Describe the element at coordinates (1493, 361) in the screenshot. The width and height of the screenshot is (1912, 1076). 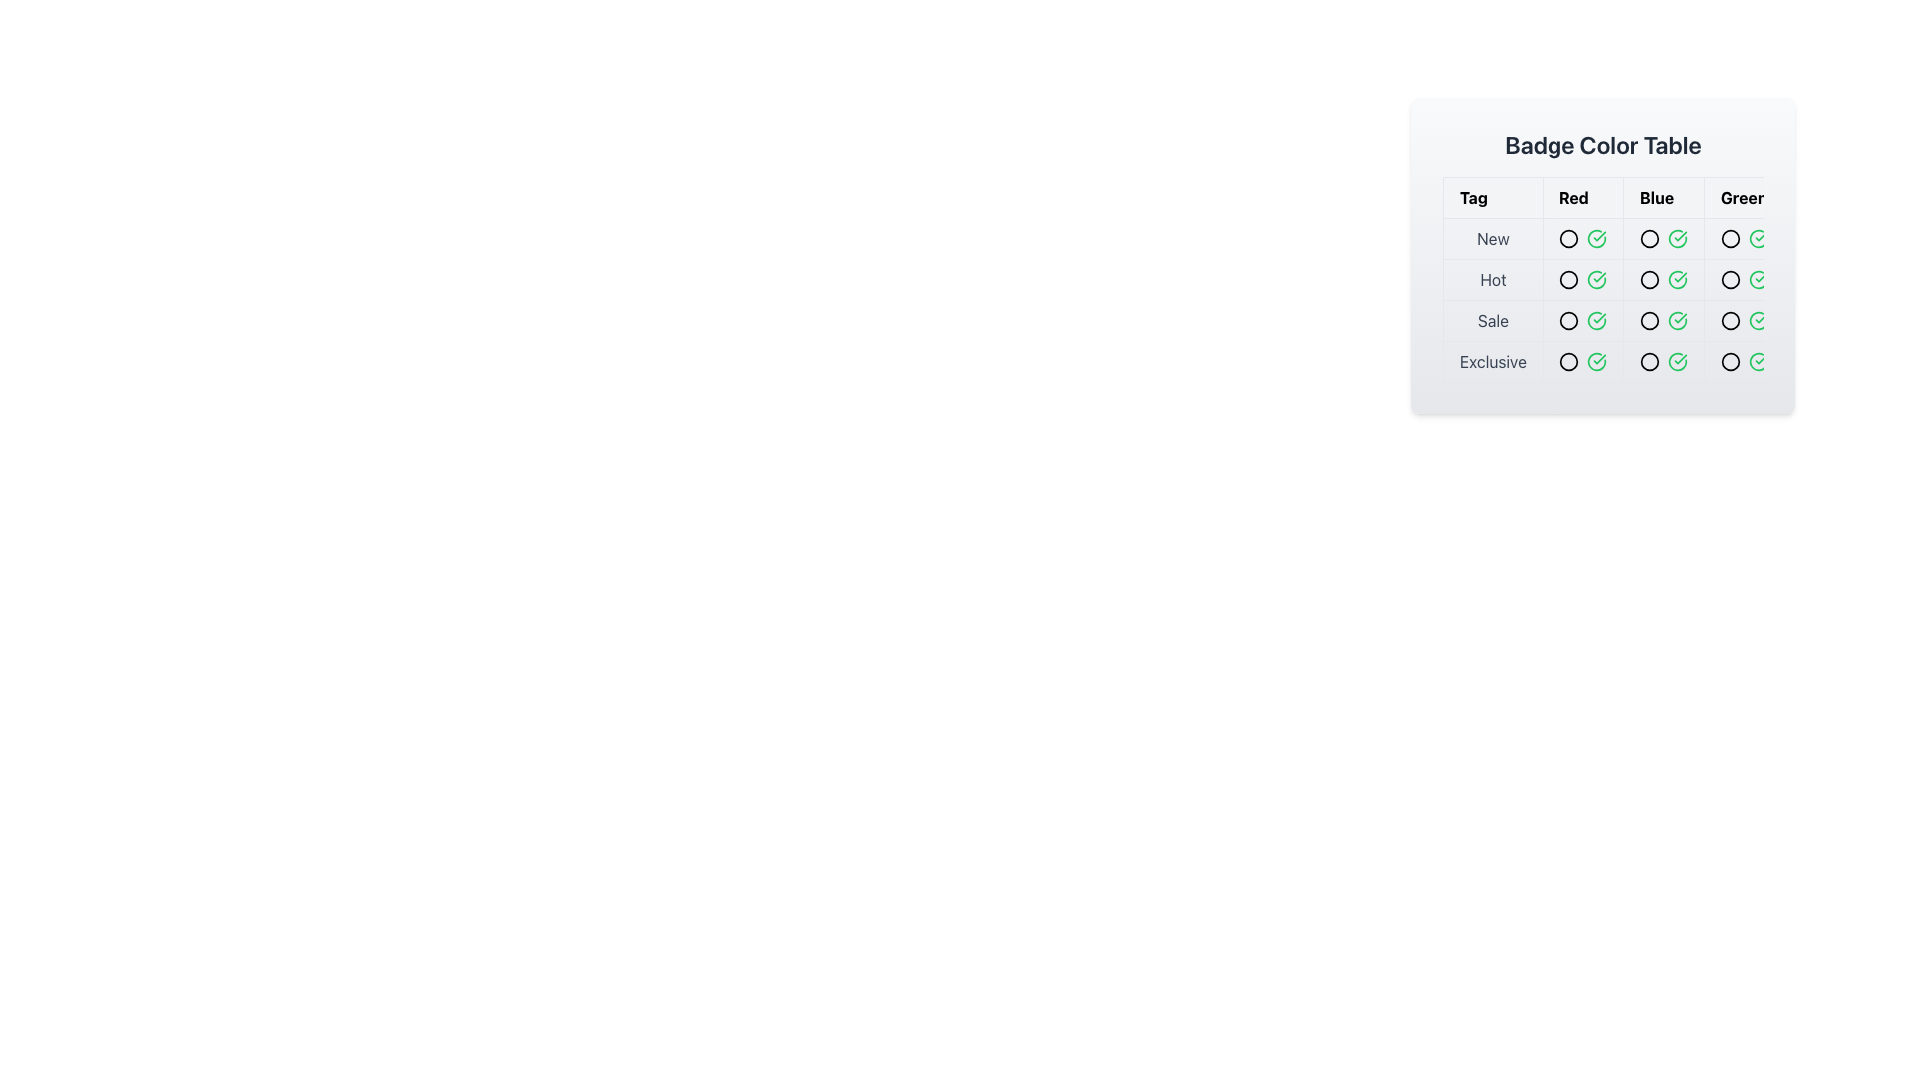
I see `the Text Label in the fourth row under the 'Tag' column, which indicates a category or tag for associated data in the table, positioned below 'Sale'` at that location.